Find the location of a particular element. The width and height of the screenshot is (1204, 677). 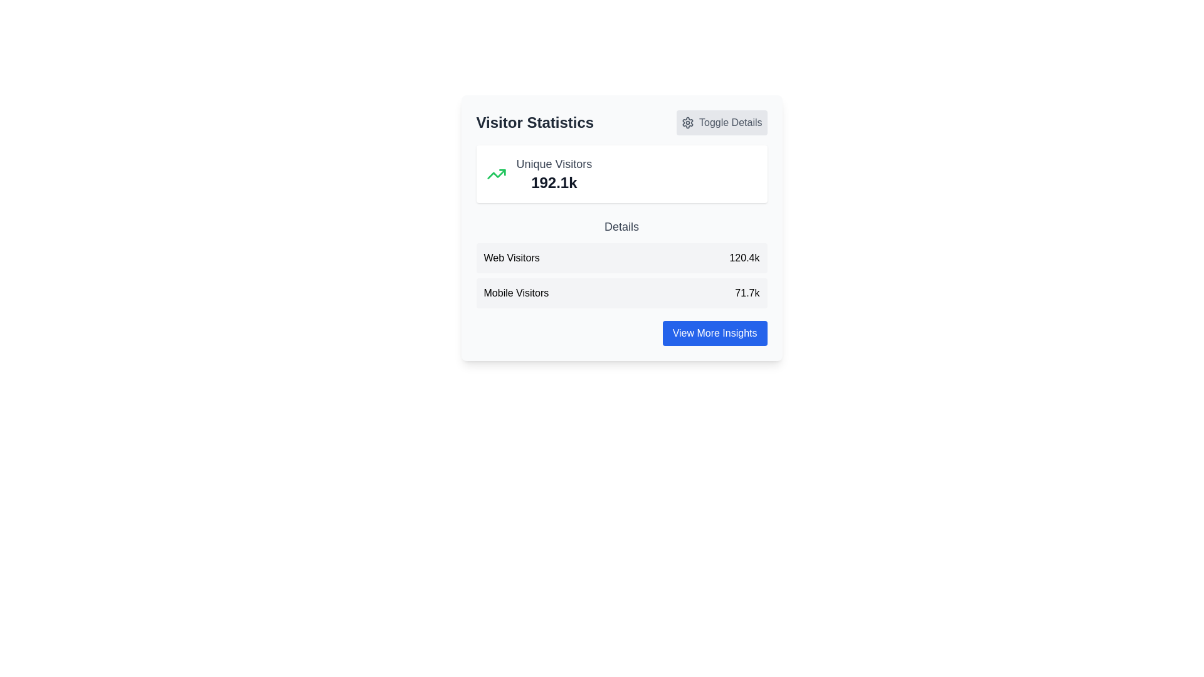

the upward trend icon representing 'Unique Visitors', located above the numerical data '192.1k' is located at coordinates (495, 174).